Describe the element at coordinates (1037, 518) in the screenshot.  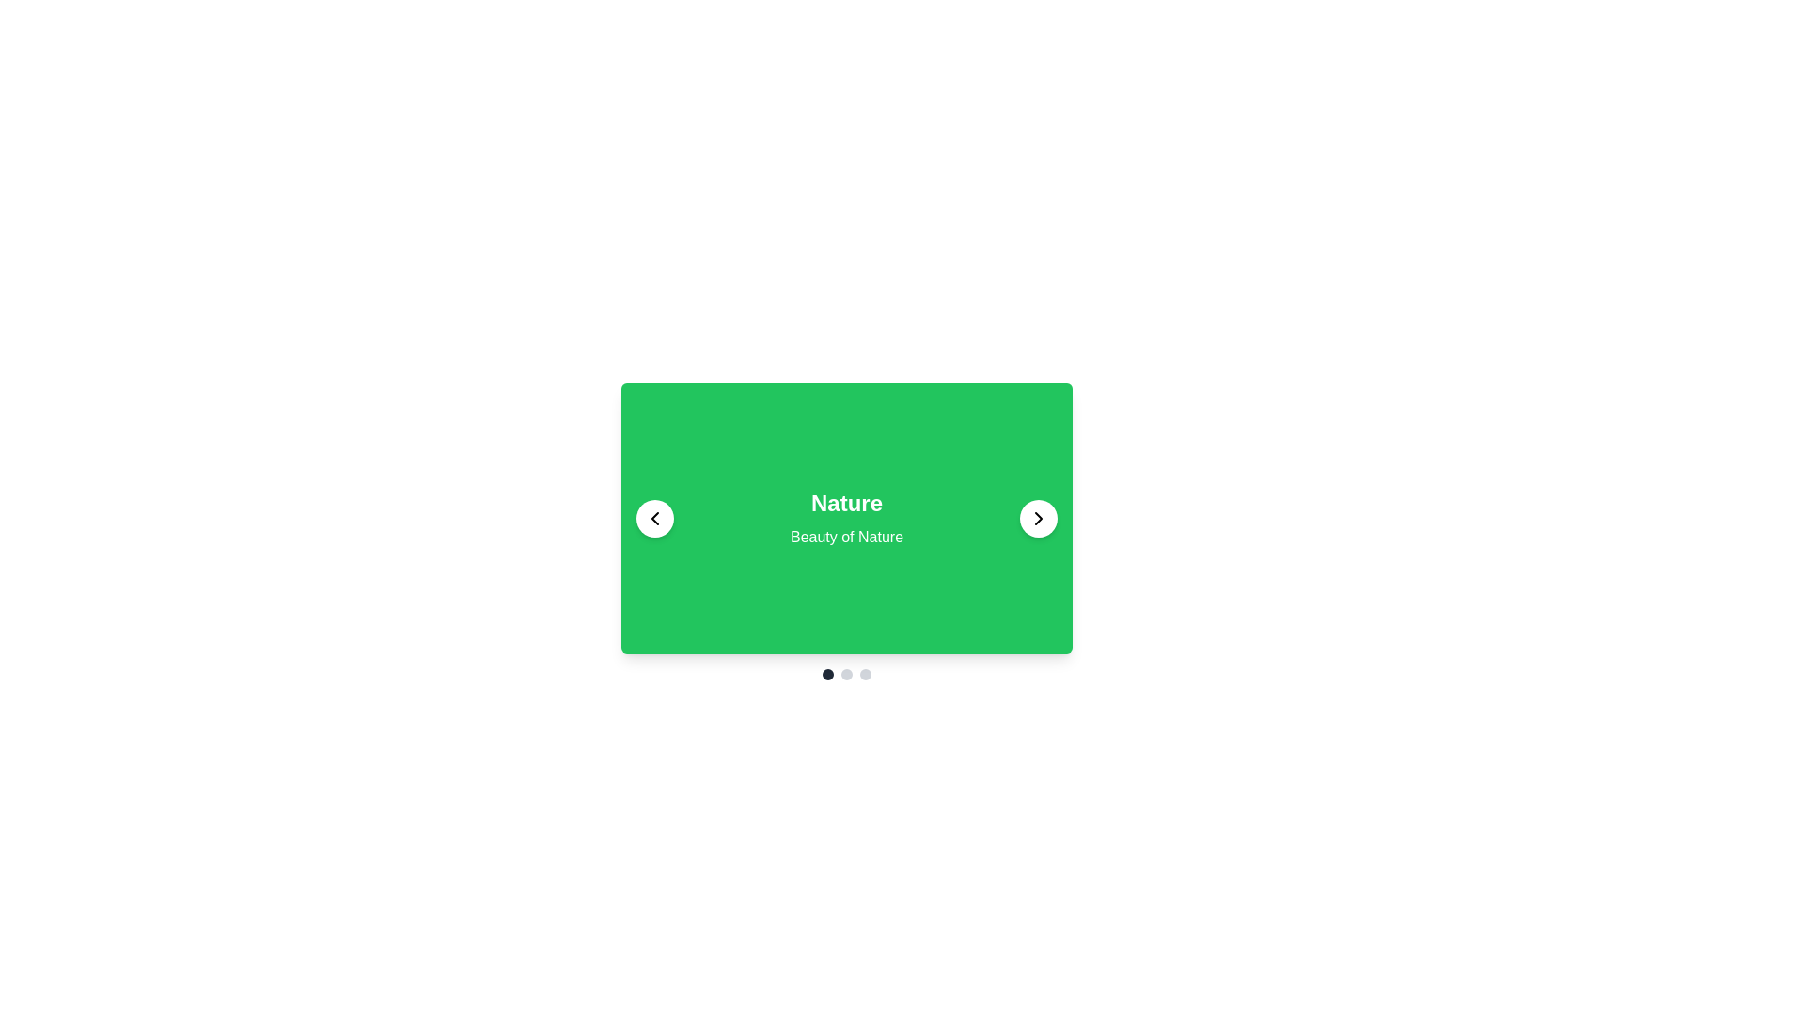
I see `the right-chevron icon within the circular button on the far right side of the green card` at that location.